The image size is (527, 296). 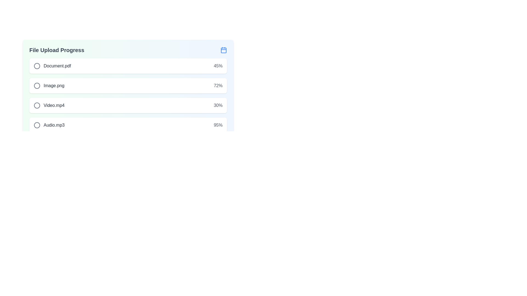 I want to click on the 'Video.mp4' text label or the circular icon with a gray border, so click(x=49, y=106).